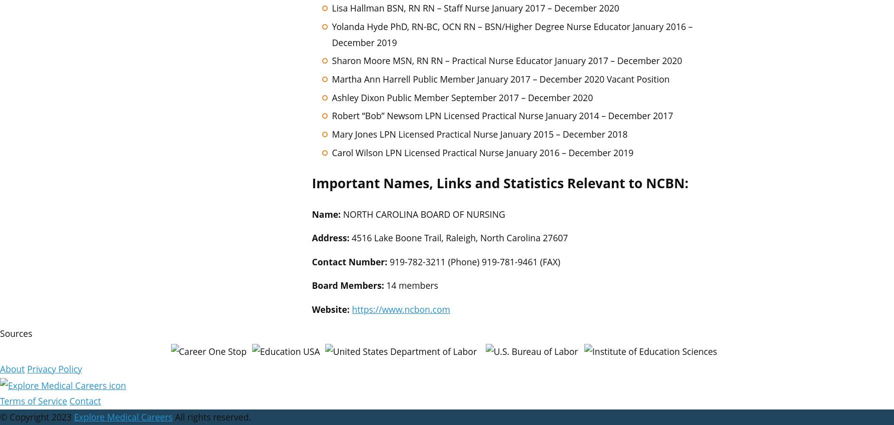 This screenshot has width=894, height=425. Describe the element at coordinates (16, 332) in the screenshot. I see `'Sources'` at that location.